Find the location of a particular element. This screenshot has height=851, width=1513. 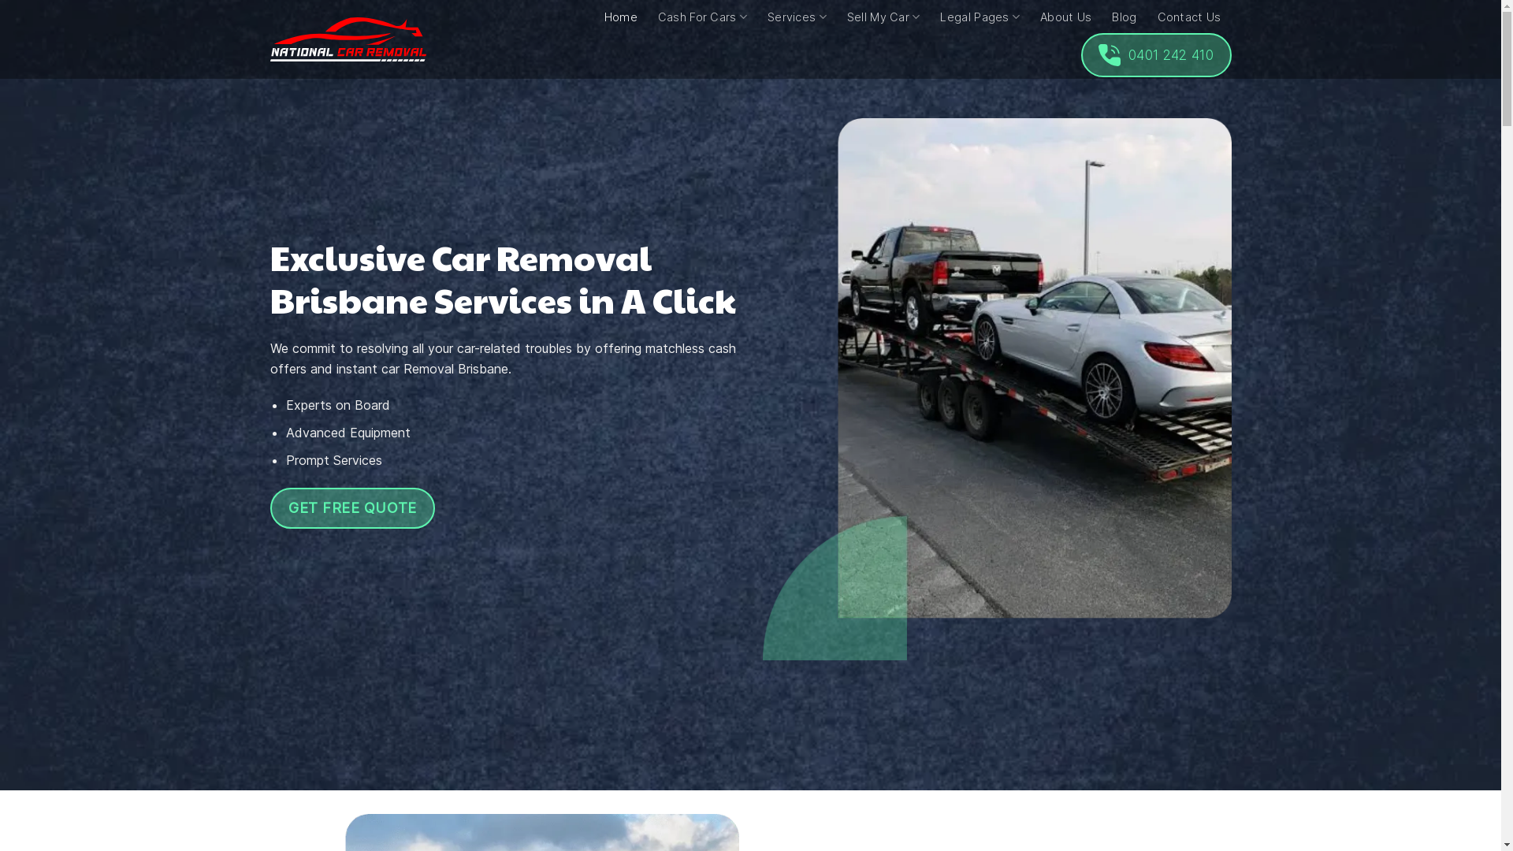

'Legal Pages' is located at coordinates (940, 17).